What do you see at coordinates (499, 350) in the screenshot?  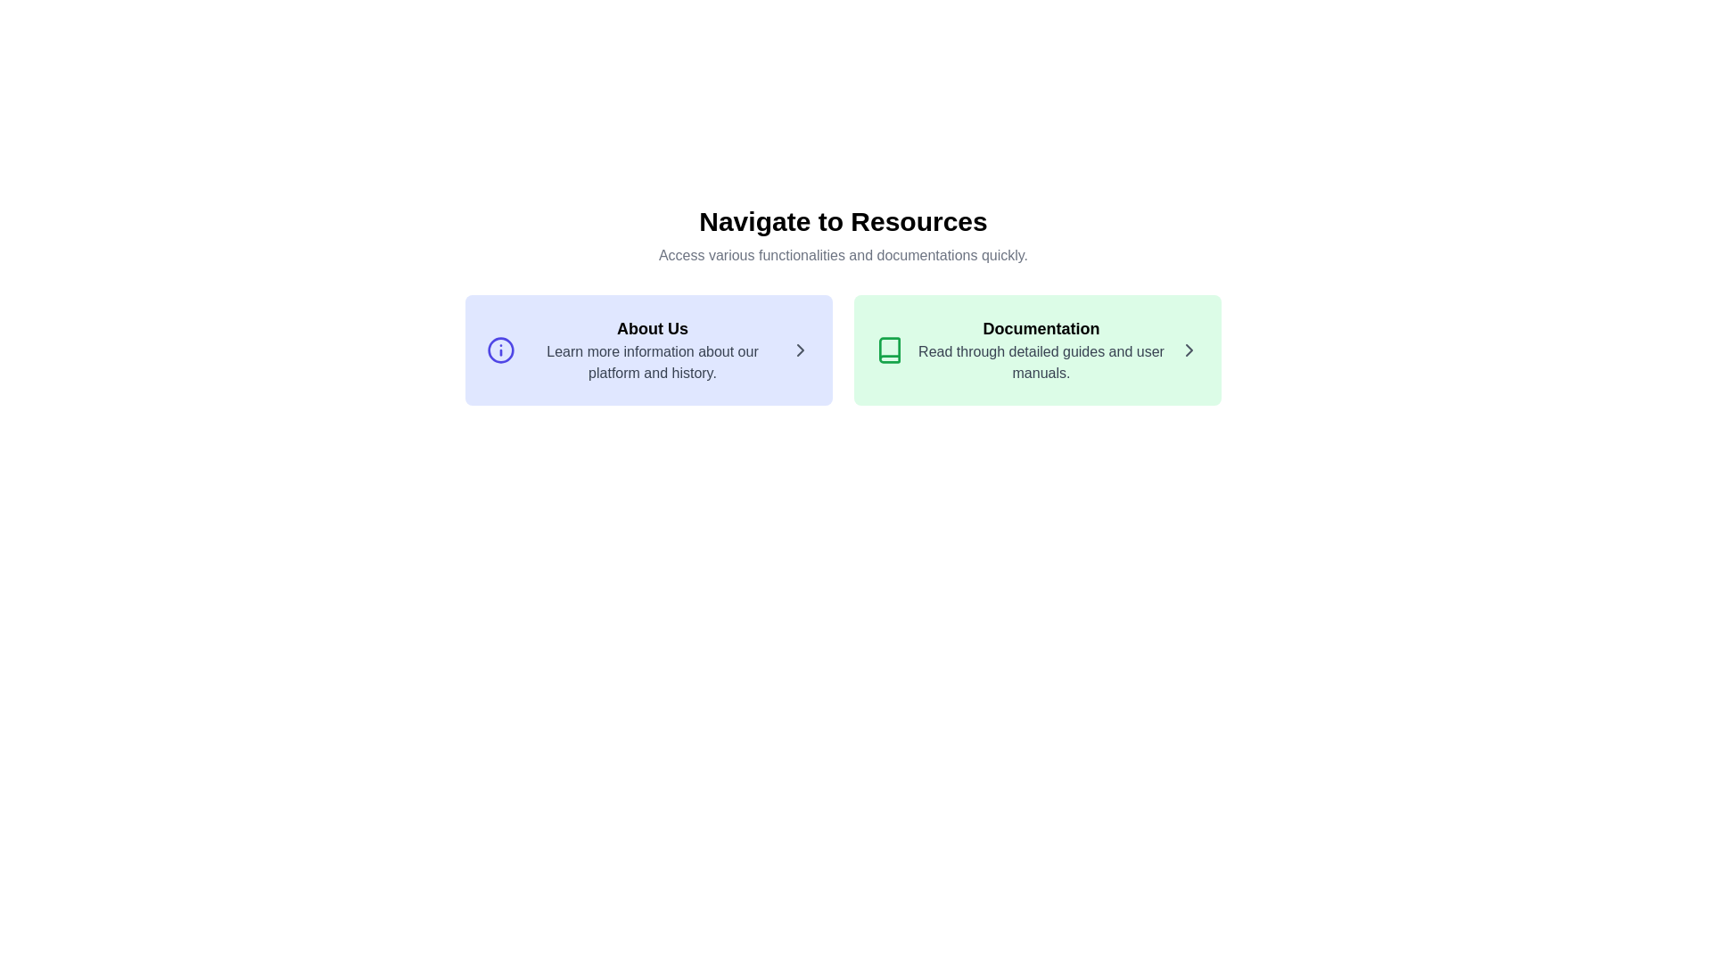 I see `the SVG Circle element that visually represents 'information' in the 'About Us' section button` at bounding box center [499, 350].